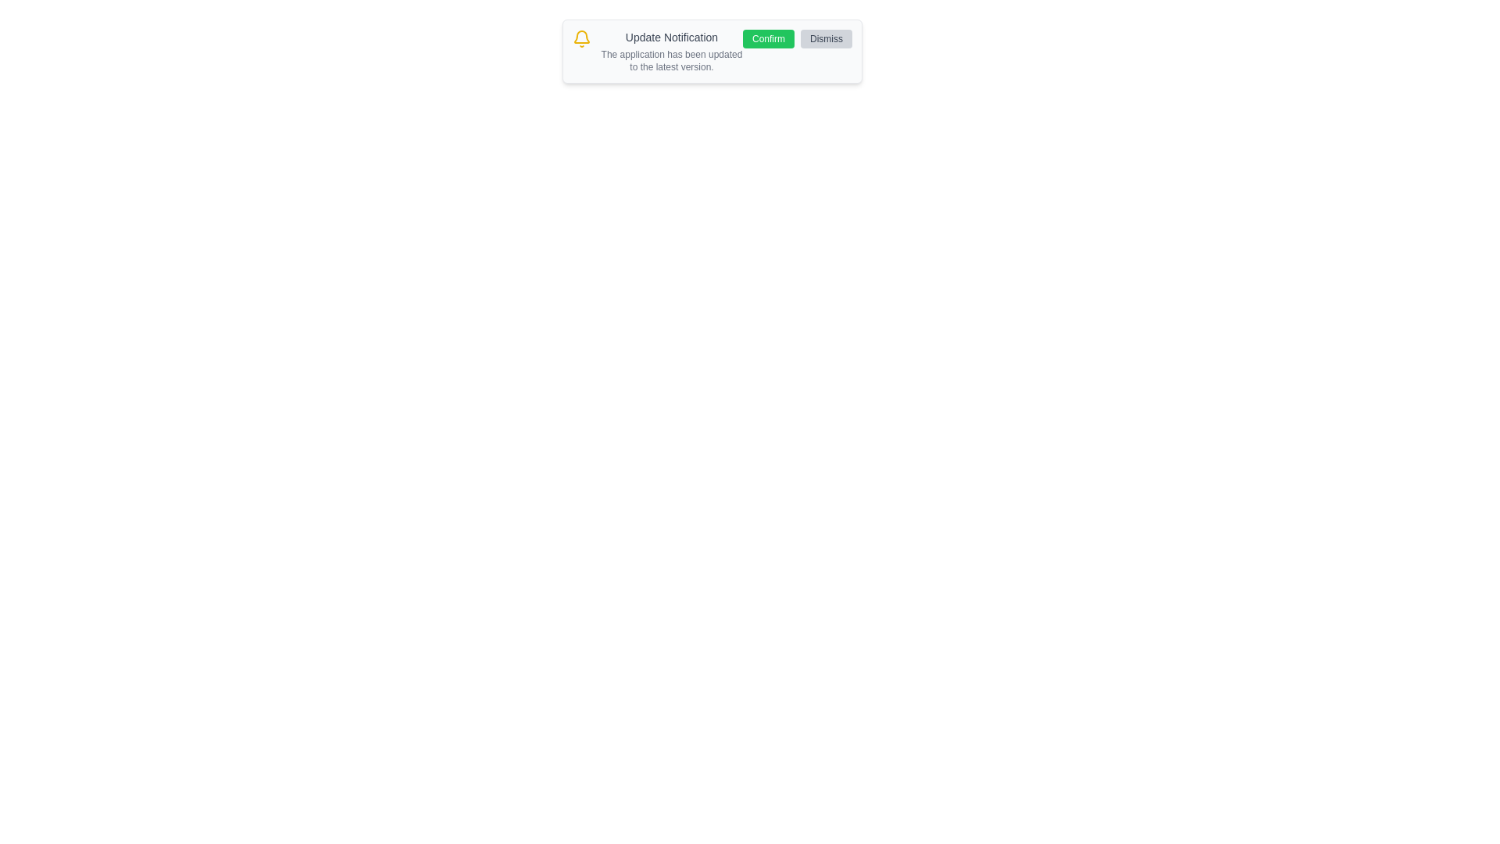  What do you see at coordinates (580, 38) in the screenshot?
I see `the yellow bell icon, which is positioned at the top-left of the notification box, adjacent to the 'Update Notification' text` at bounding box center [580, 38].